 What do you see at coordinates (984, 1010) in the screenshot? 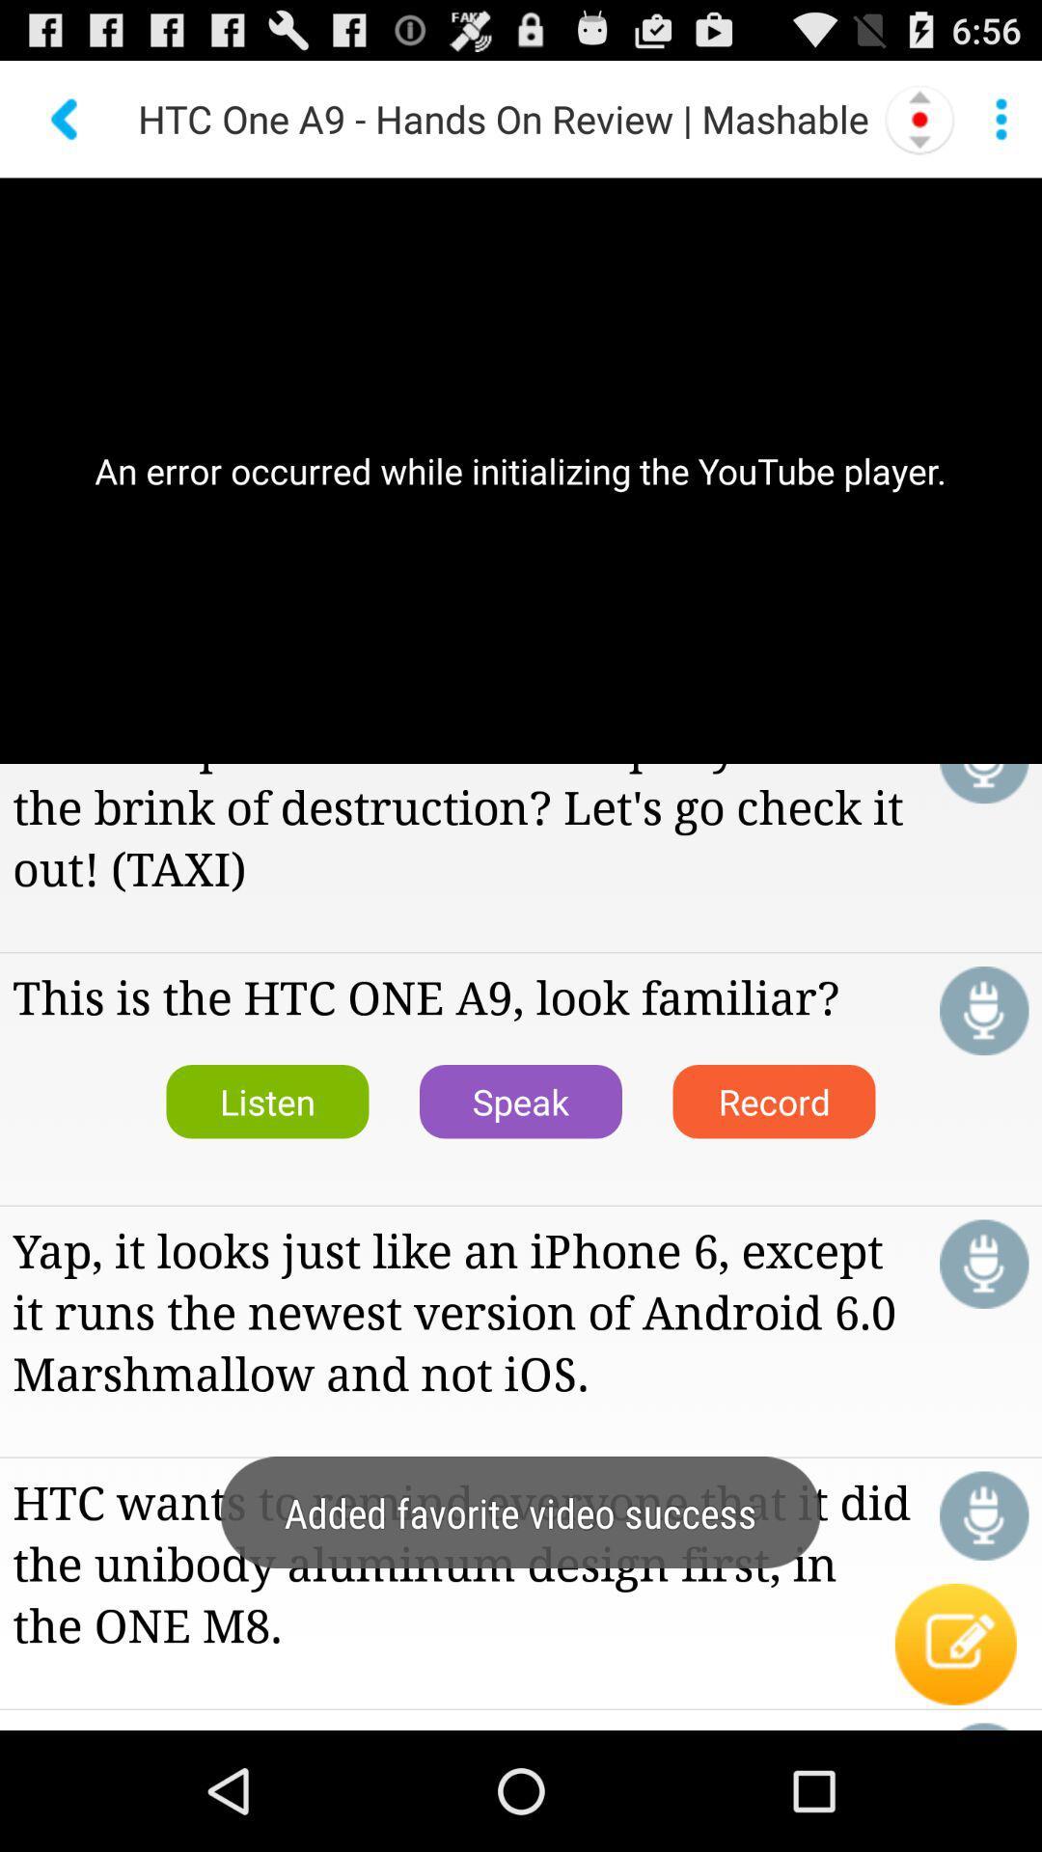
I see `favorite` at bounding box center [984, 1010].